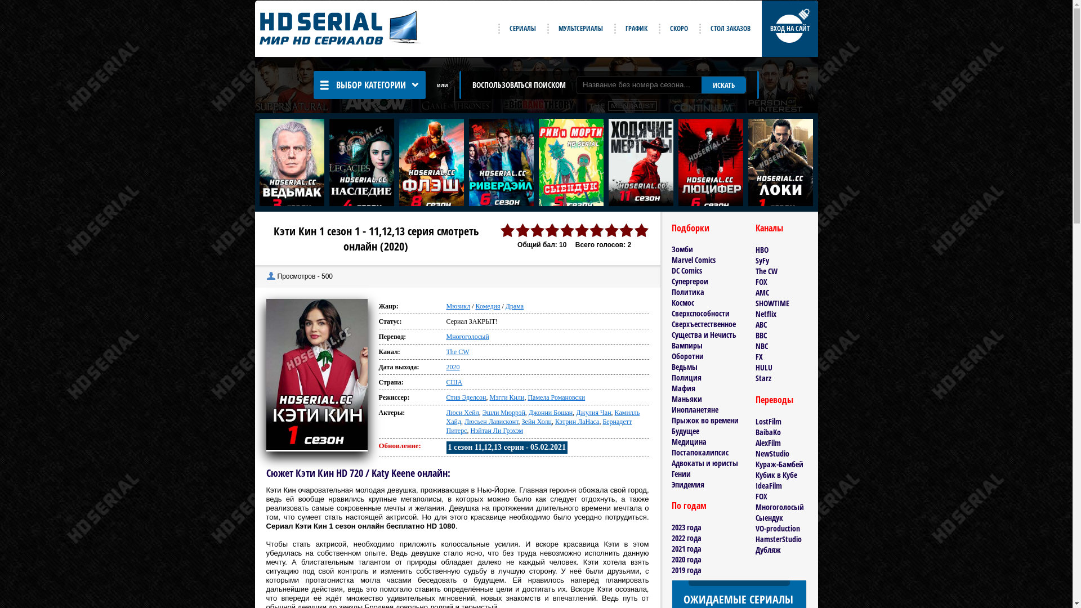 The image size is (1081, 608). I want to click on 'HamsterStudio', so click(778, 538).